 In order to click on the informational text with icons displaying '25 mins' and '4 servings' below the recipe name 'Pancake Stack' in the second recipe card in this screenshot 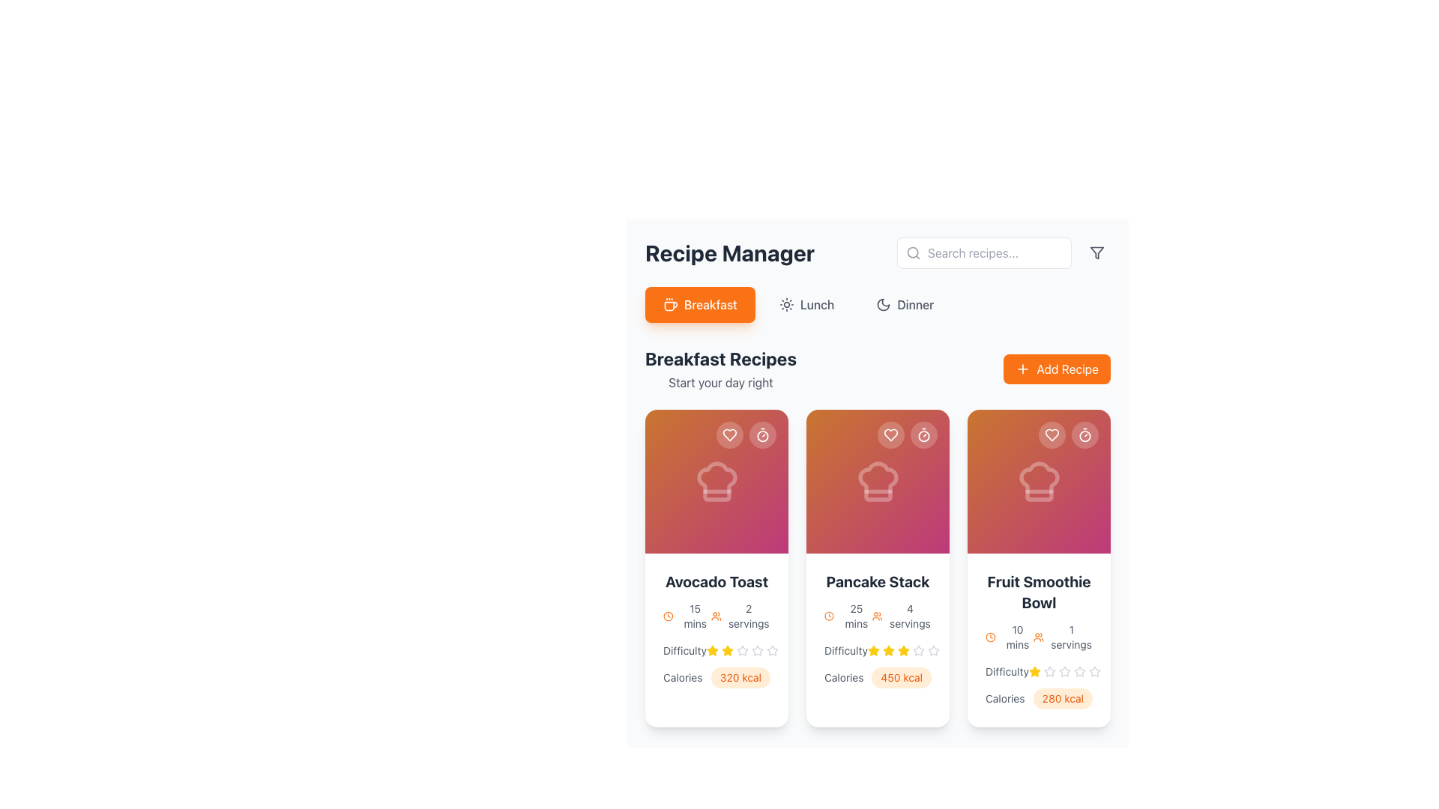, I will do `click(878, 616)`.